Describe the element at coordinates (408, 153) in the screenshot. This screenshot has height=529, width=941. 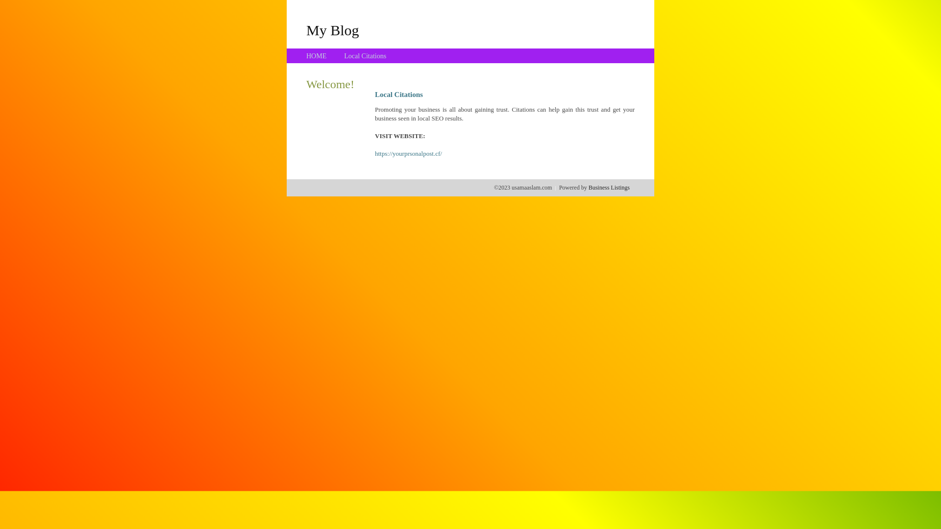
I see `'https://yourprsonalpost.cf/'` at that location.